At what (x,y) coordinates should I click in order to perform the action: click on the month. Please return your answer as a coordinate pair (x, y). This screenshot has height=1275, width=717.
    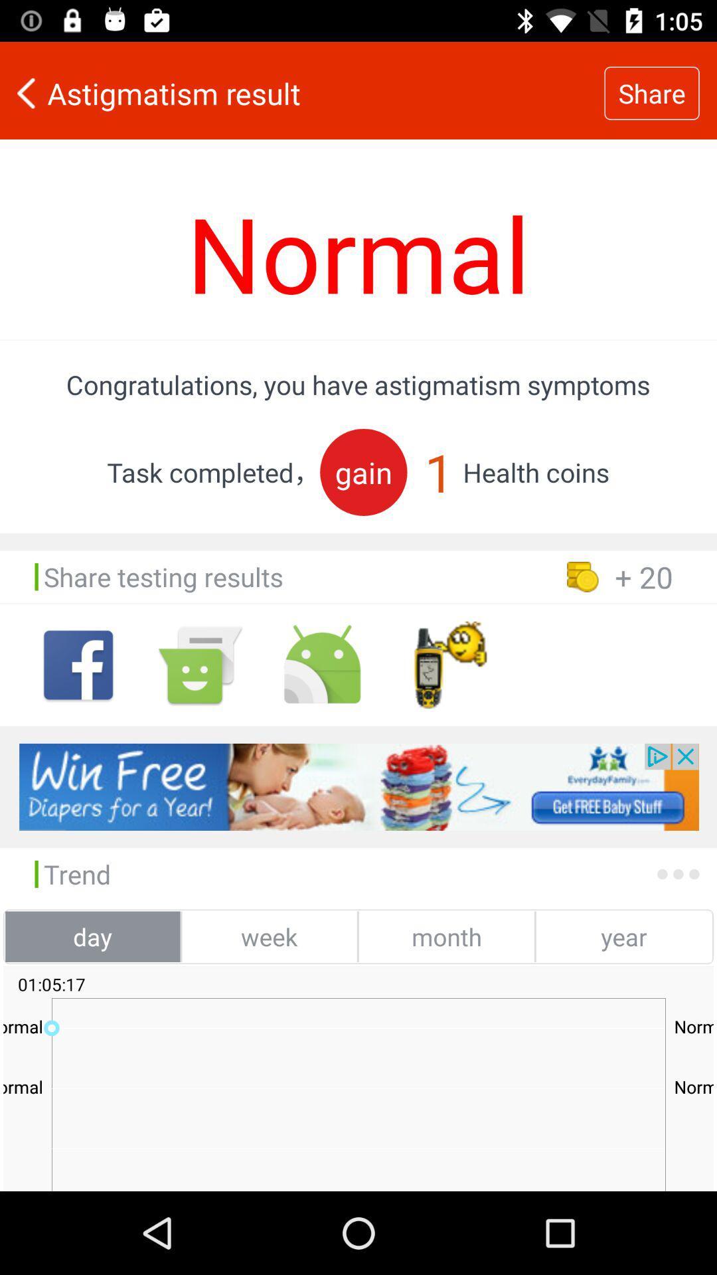
    Looking at the image, I should click on (446, 936).